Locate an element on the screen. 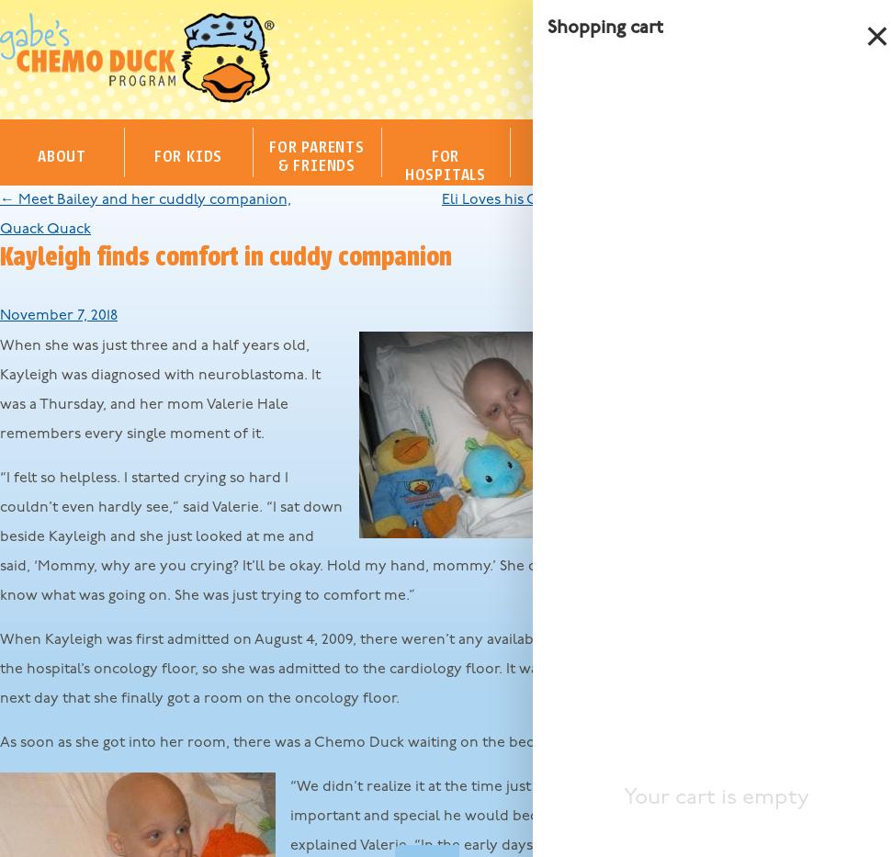 The width and height of the screenshot is (892, 857). 'May 2019' is located at coordinates (701, 600).